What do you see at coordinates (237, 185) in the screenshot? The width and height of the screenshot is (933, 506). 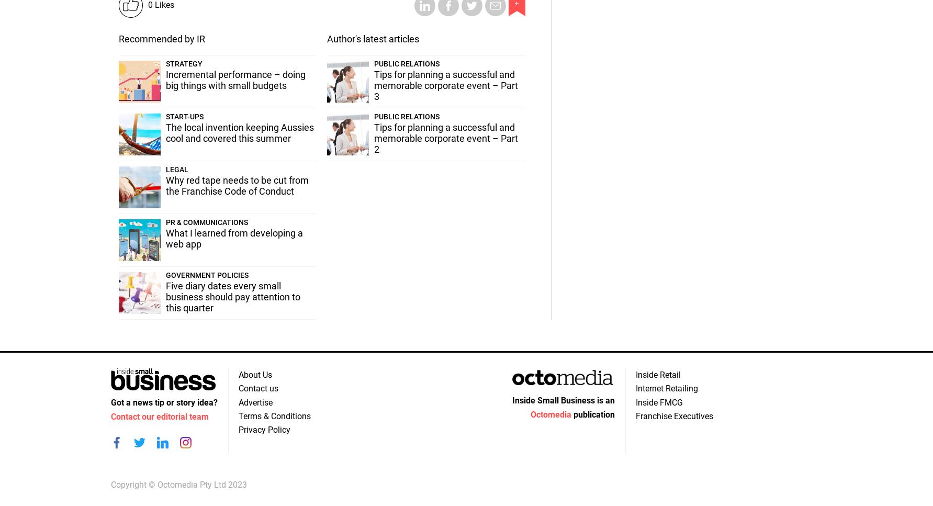 I see `'Why red tape needs to be cut from the Franchise Code of Conduct'` at bounding box center [237, 185].